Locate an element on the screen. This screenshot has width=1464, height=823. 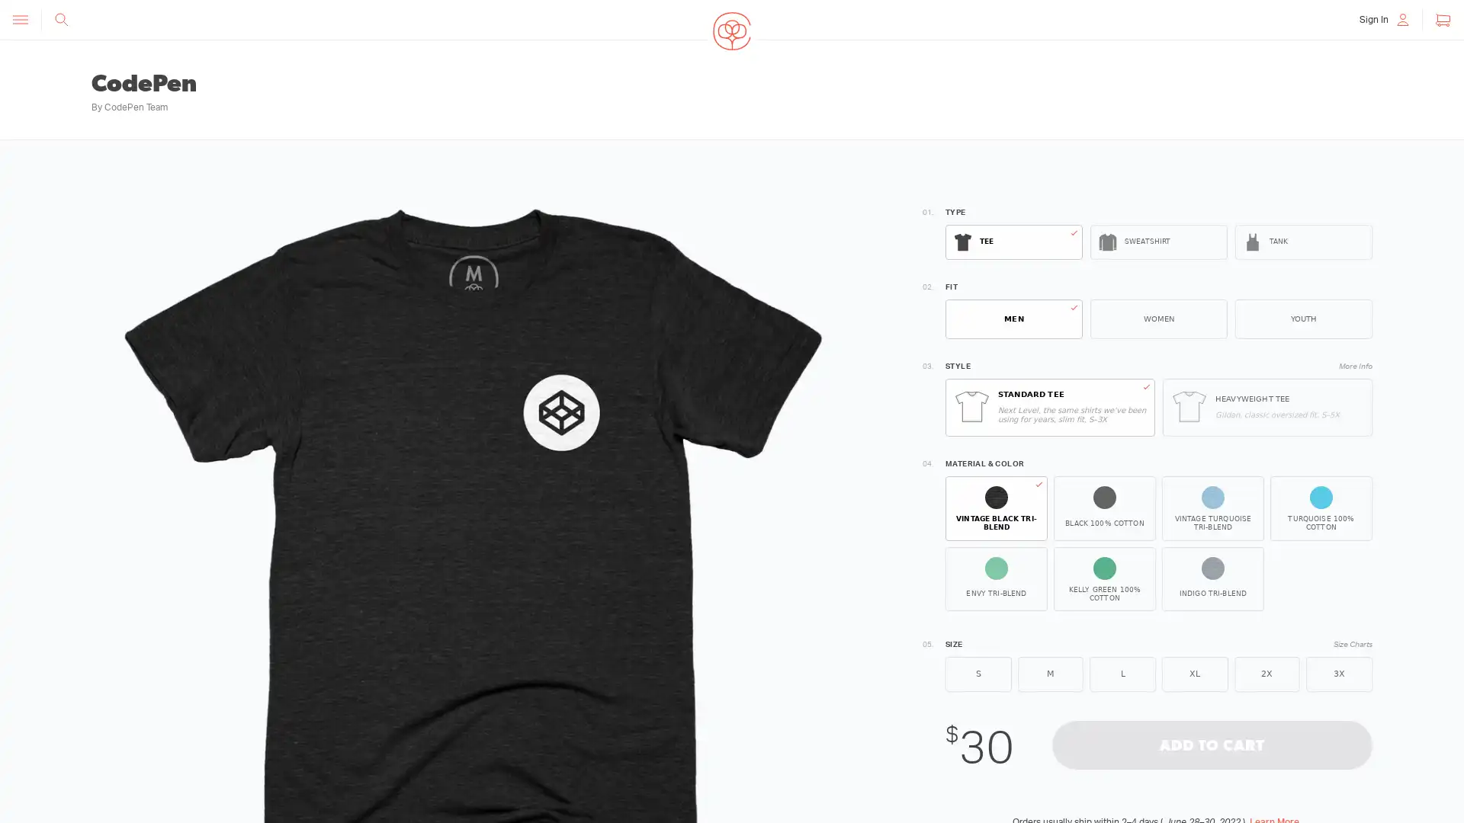
ADD TO CART is located at coordinates (1211, 745).